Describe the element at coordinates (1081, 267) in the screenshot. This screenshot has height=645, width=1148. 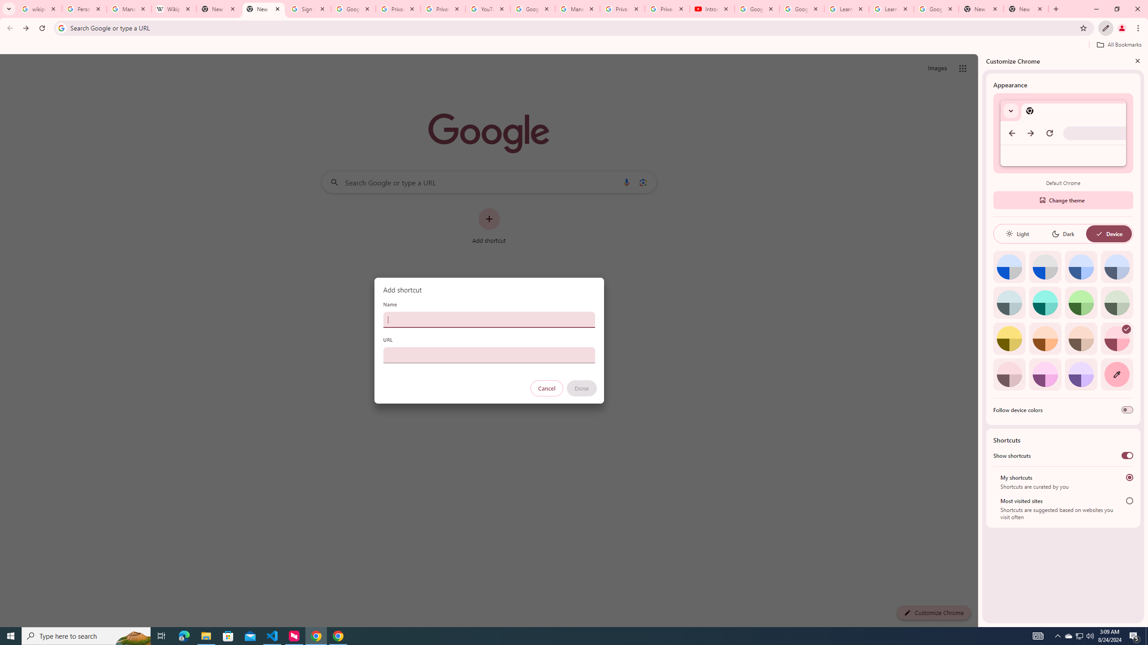
I see `'Blue'` at that location.